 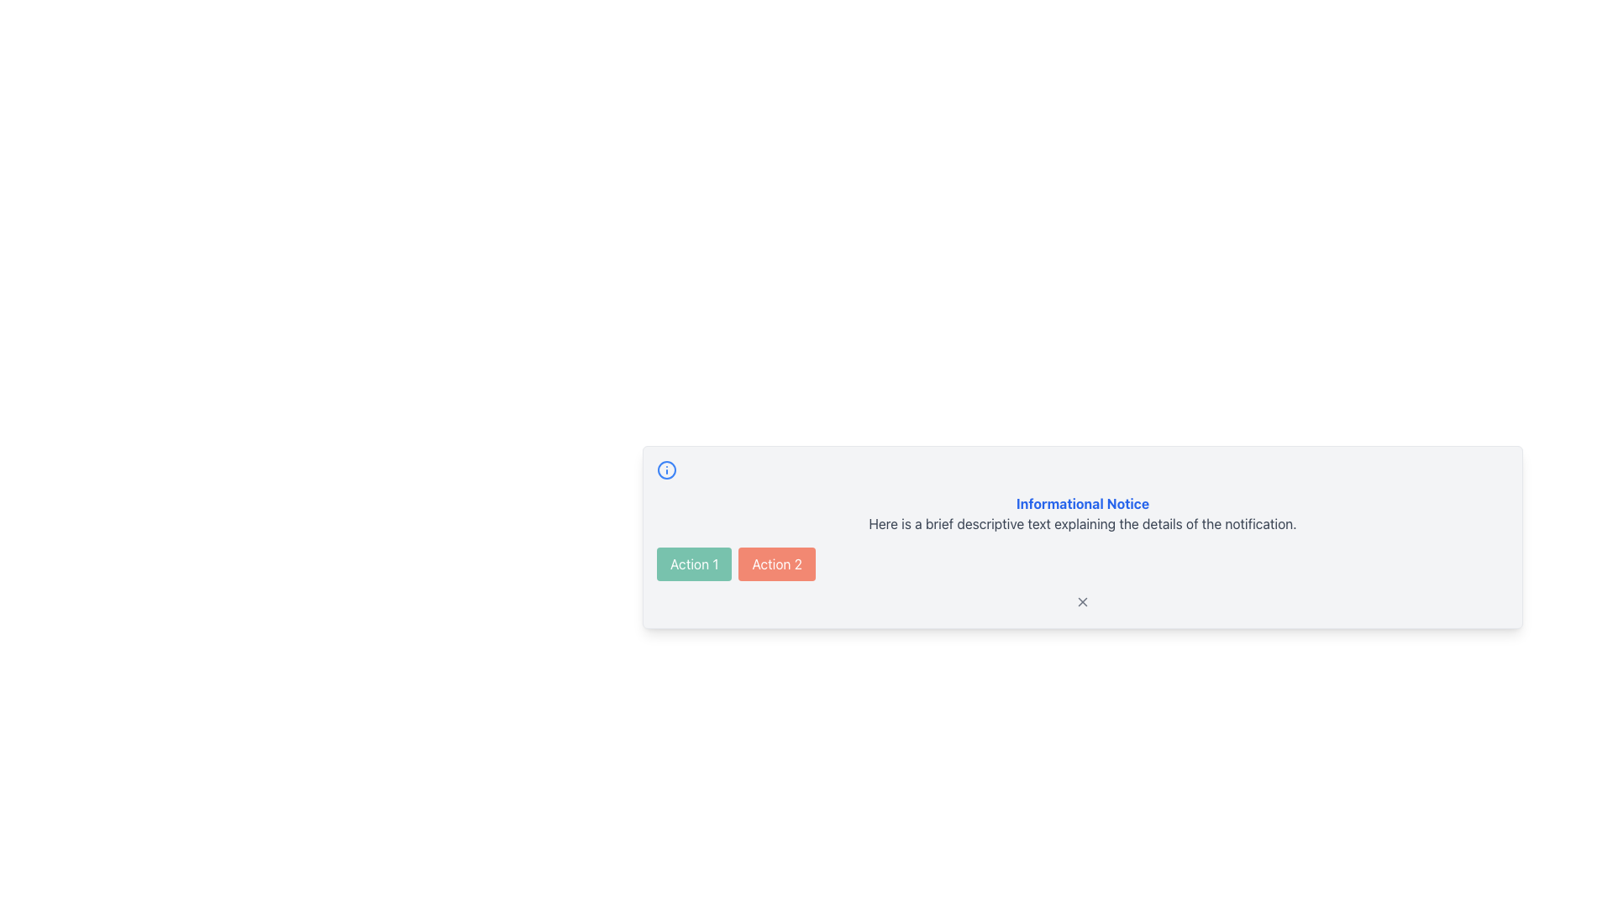 What do you see at coordinates (694, 564) in the screenshot?
I see `the first button in the bottom left section of the informational notice panel` at bounding box center [694, 564].